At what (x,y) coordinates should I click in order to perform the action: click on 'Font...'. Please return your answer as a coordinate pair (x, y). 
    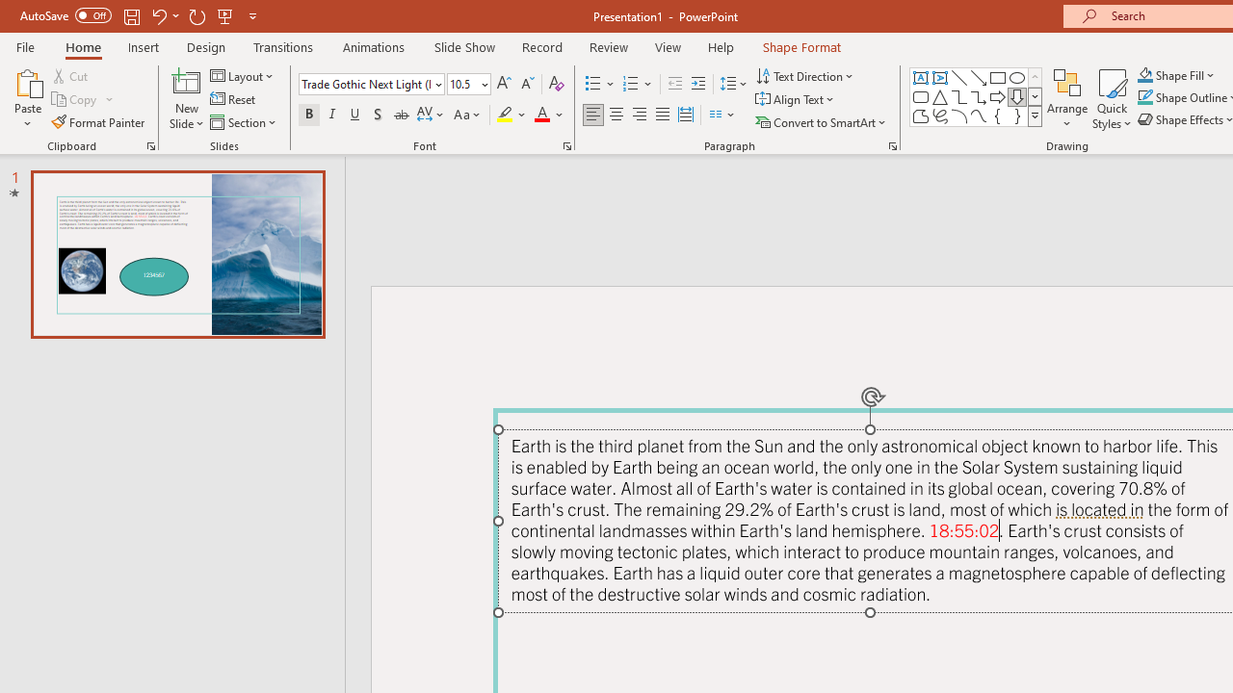
    Looking at the image, I should click on (565, 144).